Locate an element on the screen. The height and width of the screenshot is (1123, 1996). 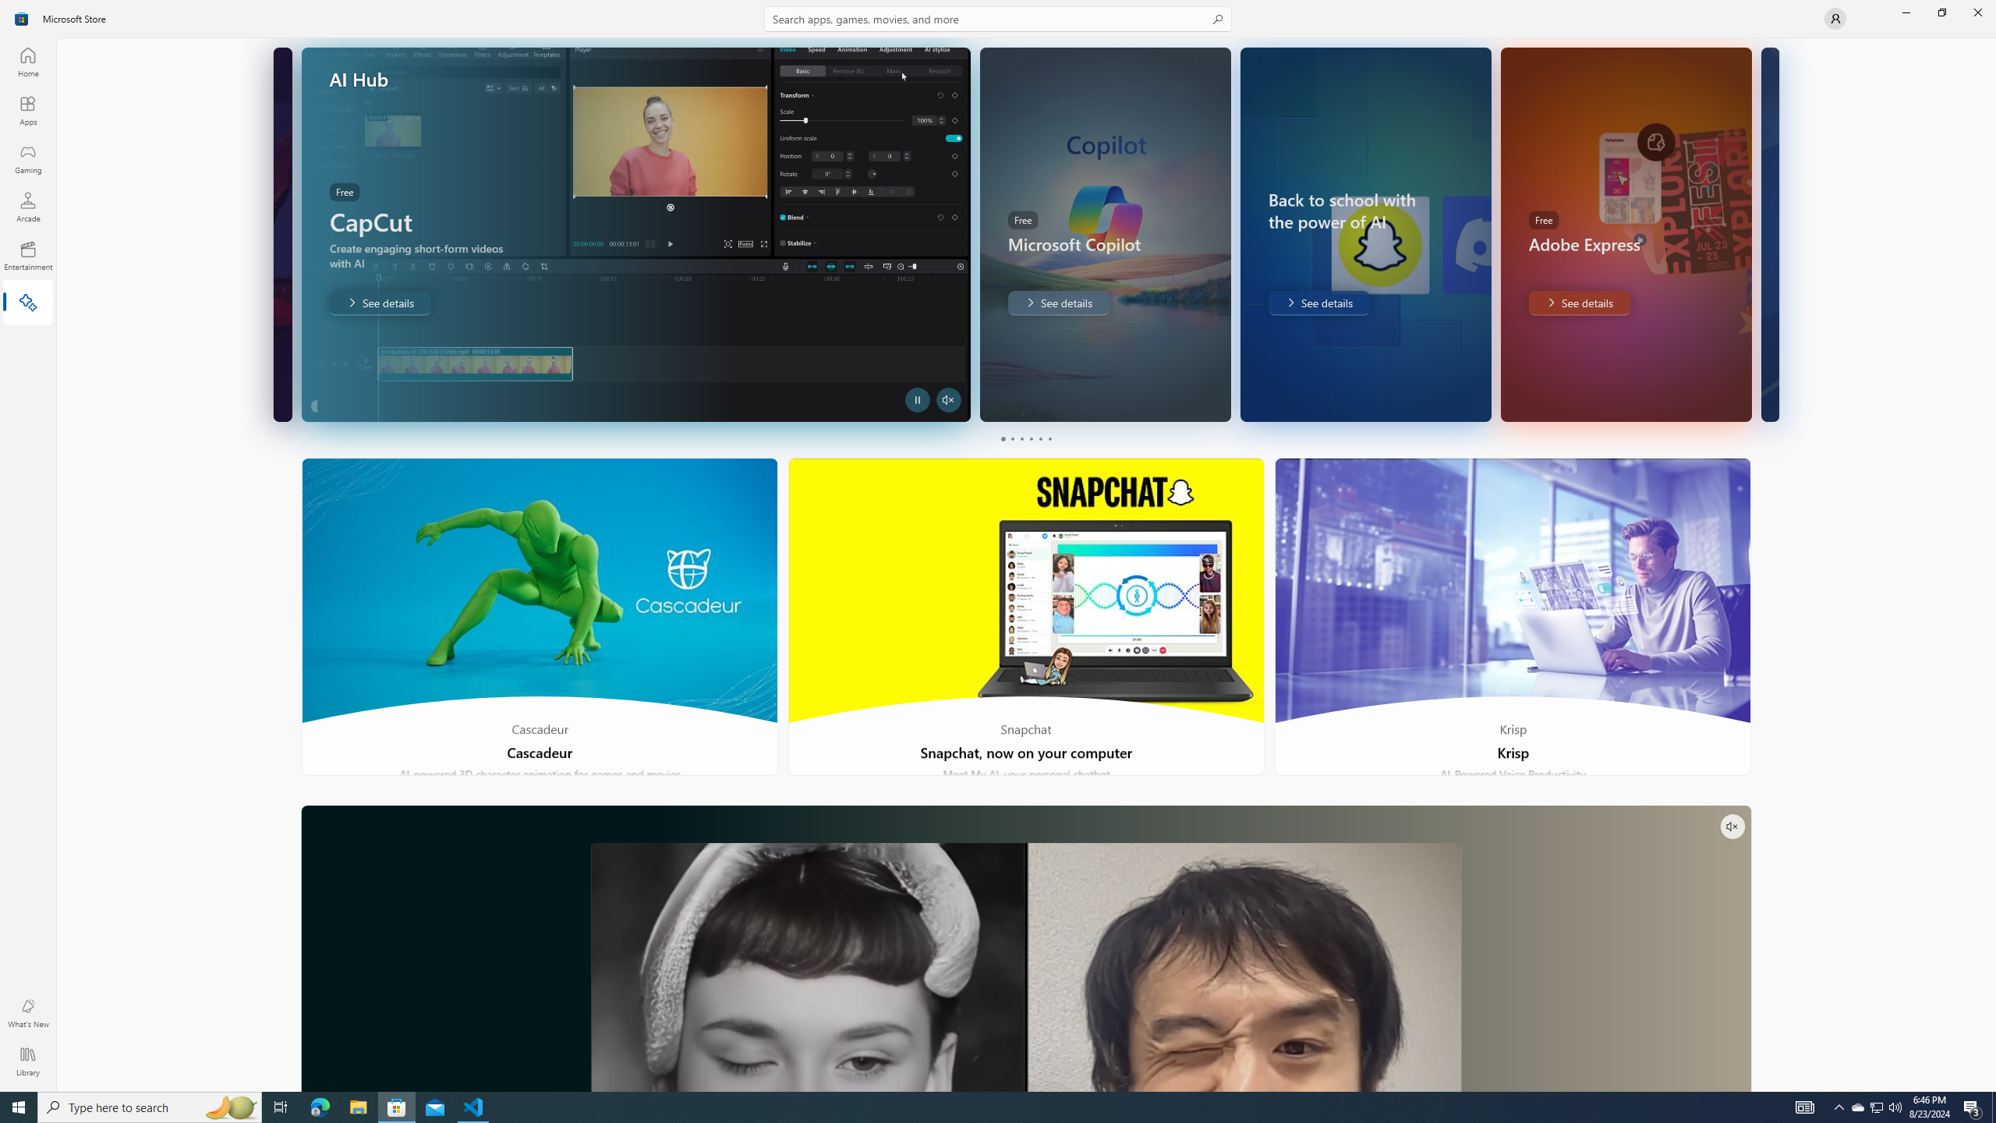
'Class: Image' is located at coordinates (22, 17).